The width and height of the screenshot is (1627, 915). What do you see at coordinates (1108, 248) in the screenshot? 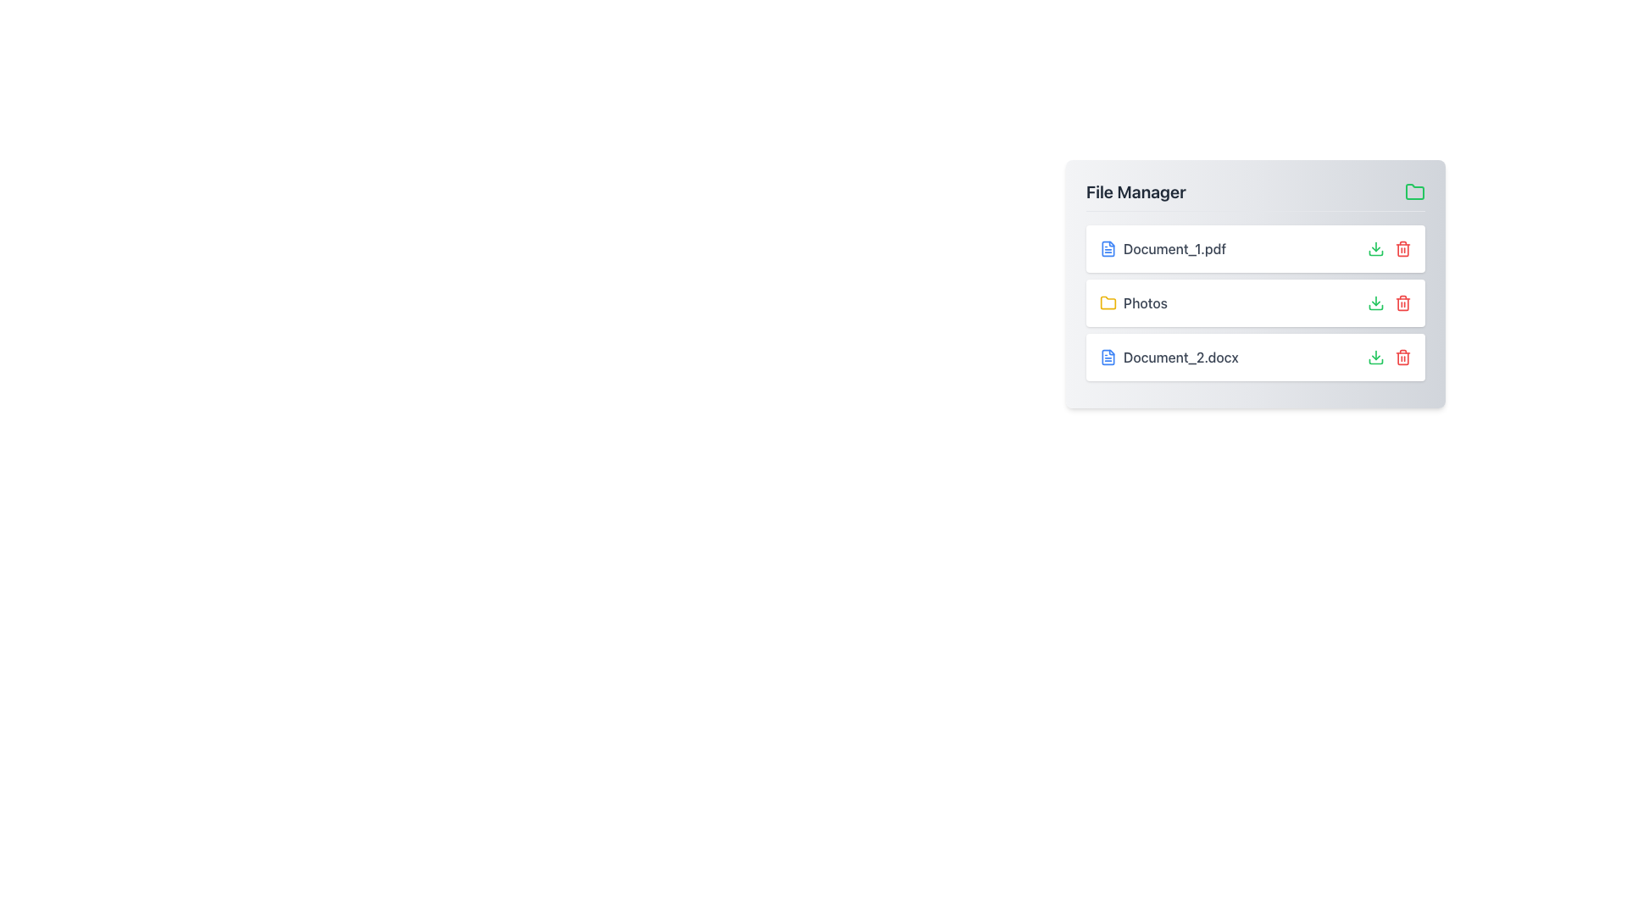
I see `the small blue document icon associated with 'Document_1.pdf' in the File Manager interface` at bounding box center [1108, 248].